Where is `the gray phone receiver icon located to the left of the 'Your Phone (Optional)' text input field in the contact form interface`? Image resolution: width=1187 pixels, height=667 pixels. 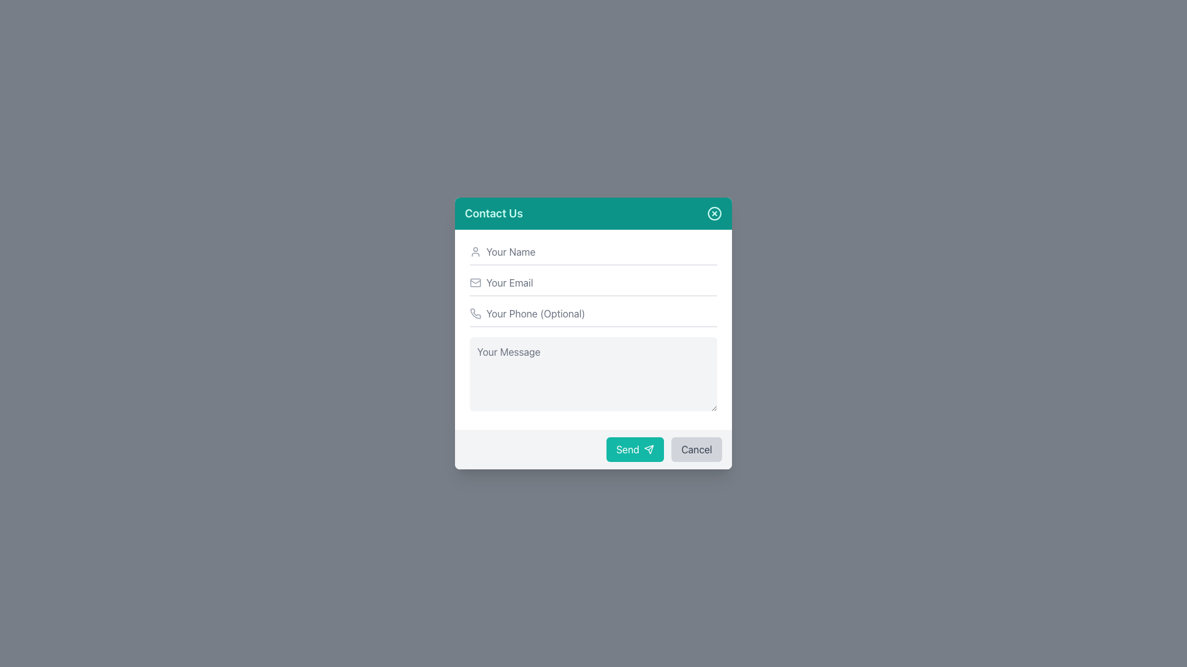
the gray phone receiver icon located to the left of the 'Your Phone (Optional)' text input field in the contact form interface is located at coordinates (475, 313).